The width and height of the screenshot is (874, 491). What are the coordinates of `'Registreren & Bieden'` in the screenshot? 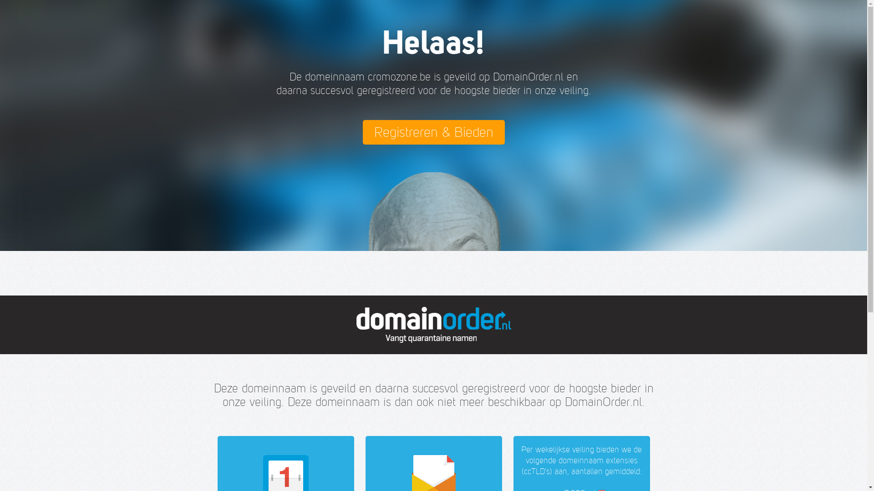 It's located at (432, 132).